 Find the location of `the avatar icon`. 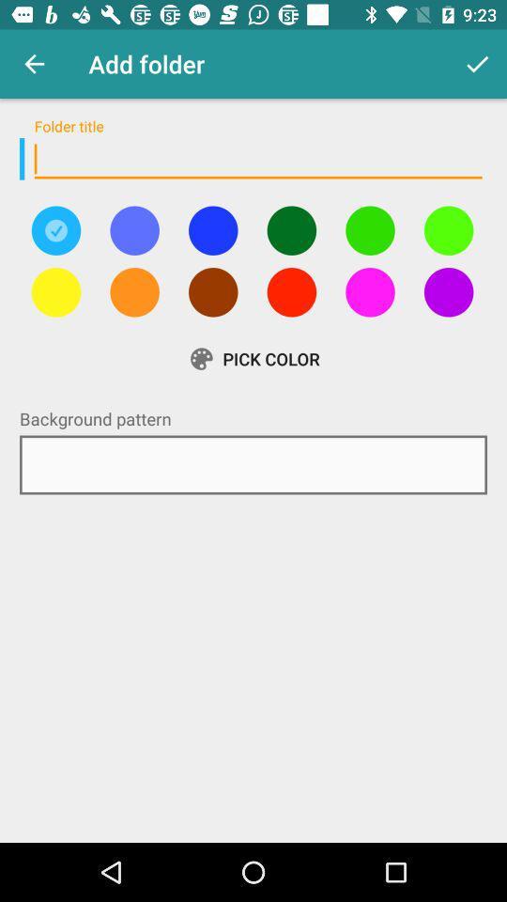

the avatar icon is located at coordinates (291, 292).